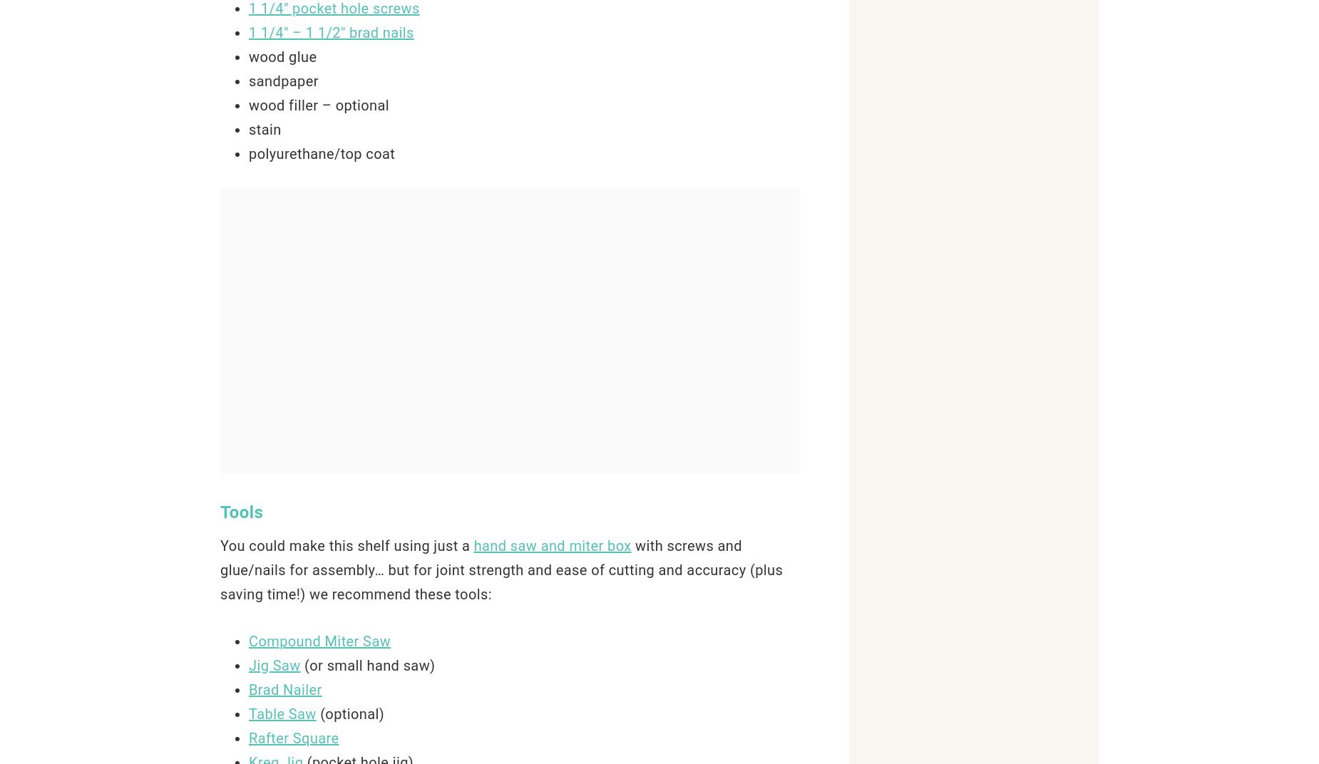 This screenshot has width=1319, height=764. I want to click on 'sandpaper', so click(247, 81).